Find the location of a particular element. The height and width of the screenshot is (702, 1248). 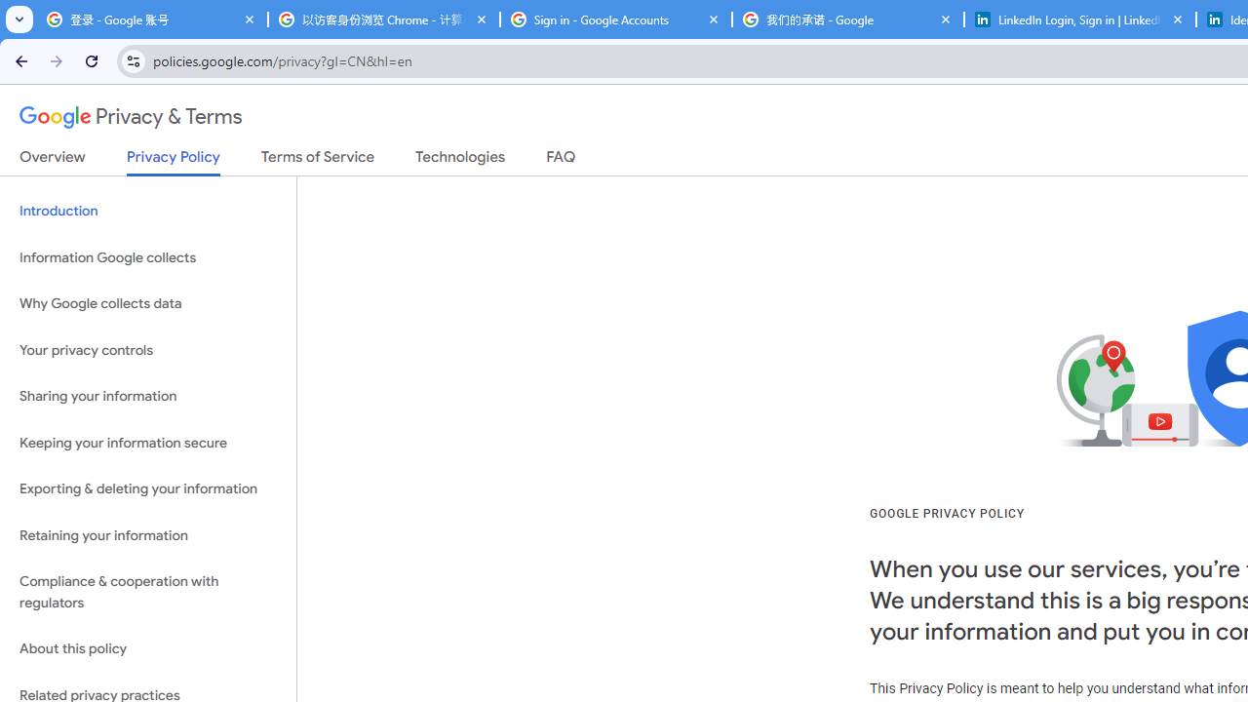

'LinkedIn Login, Sign in | LinkedIn' is located at coordinates (1079, 19).